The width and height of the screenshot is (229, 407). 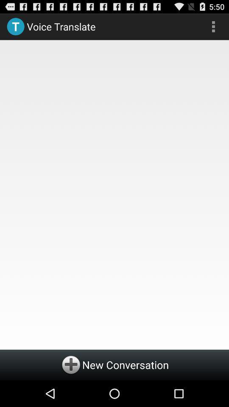 What do you see at coordinates (213, 26) in the screenshot?
I see `the item to the right of the voice translate item` at bounding box center [213, 26].